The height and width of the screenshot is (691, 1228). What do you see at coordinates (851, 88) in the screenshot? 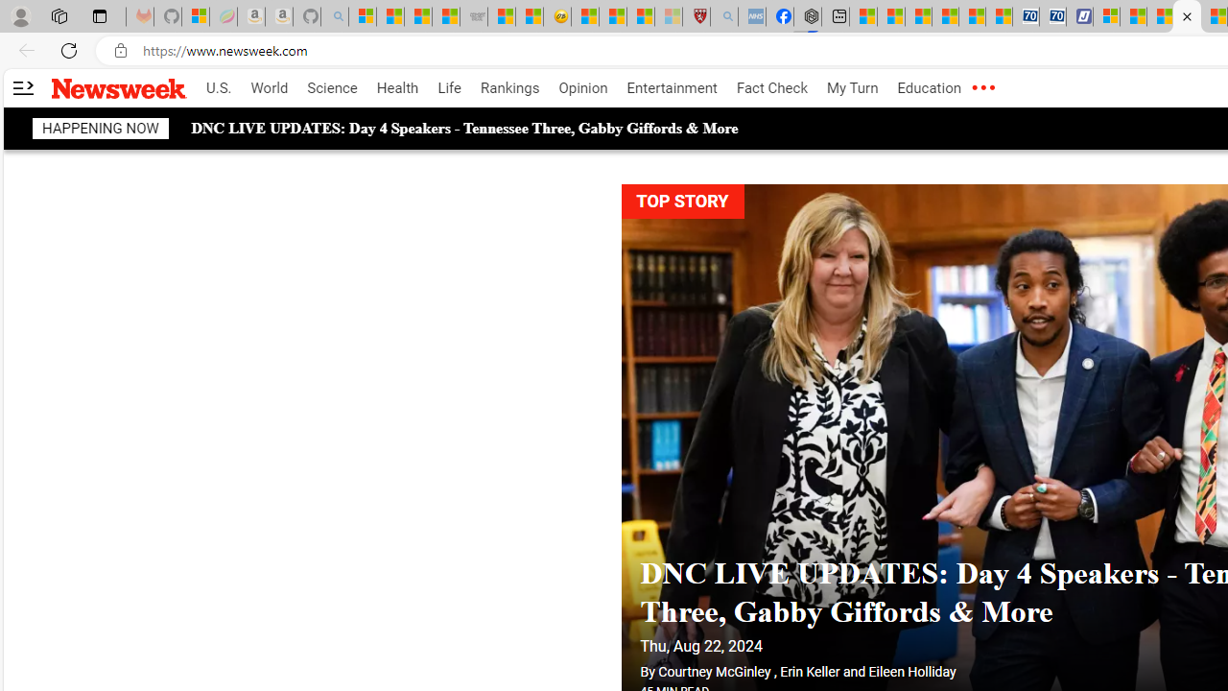
I see `'My Turn'` at bounding box center [851, 88].